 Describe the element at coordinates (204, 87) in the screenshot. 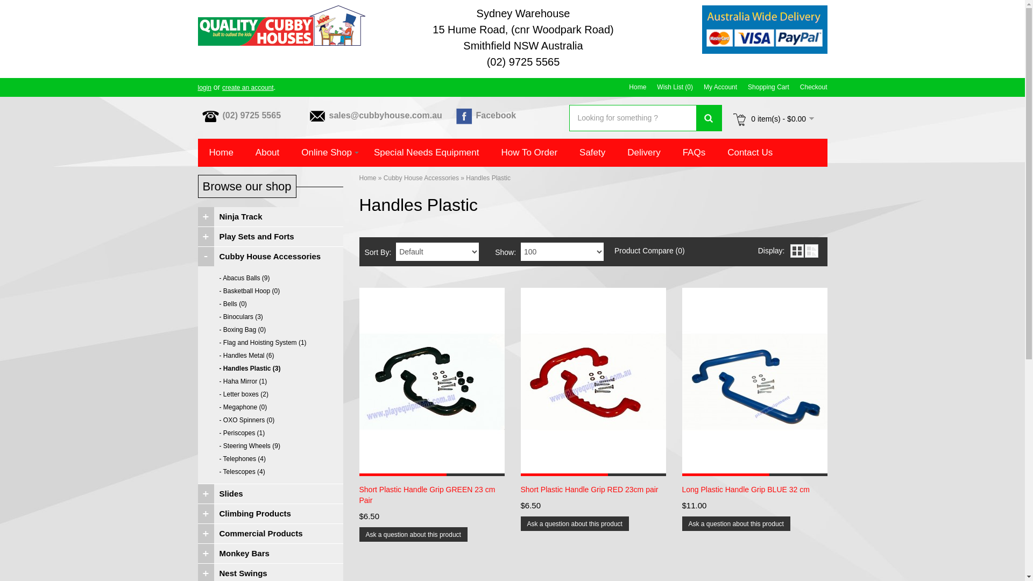

I see `'login'` at that location.